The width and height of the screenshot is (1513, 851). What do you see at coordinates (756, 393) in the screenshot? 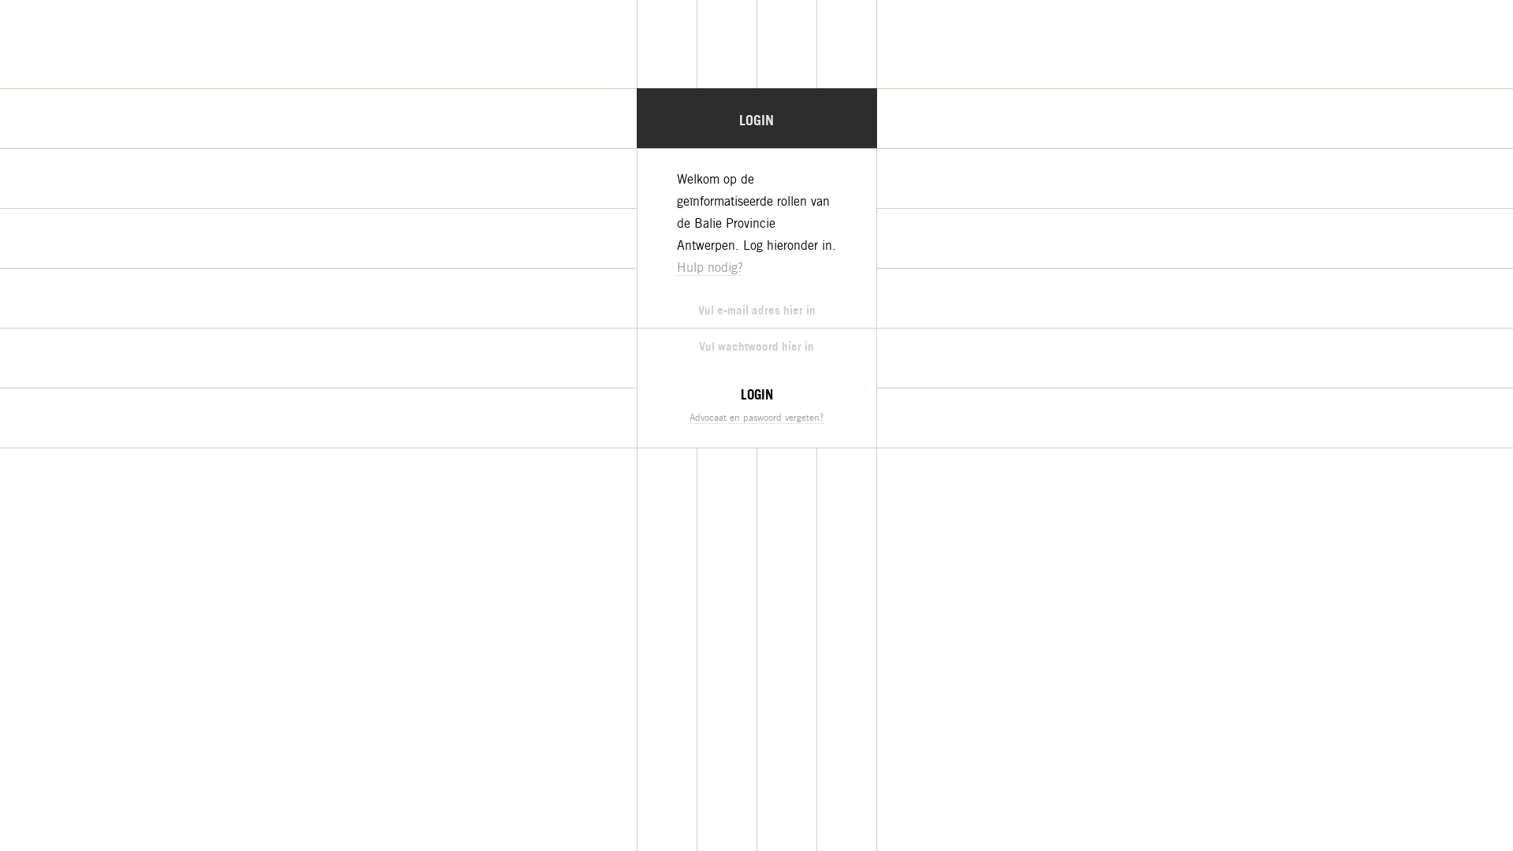
I see `'Login'` at bounding box center [756, 393].